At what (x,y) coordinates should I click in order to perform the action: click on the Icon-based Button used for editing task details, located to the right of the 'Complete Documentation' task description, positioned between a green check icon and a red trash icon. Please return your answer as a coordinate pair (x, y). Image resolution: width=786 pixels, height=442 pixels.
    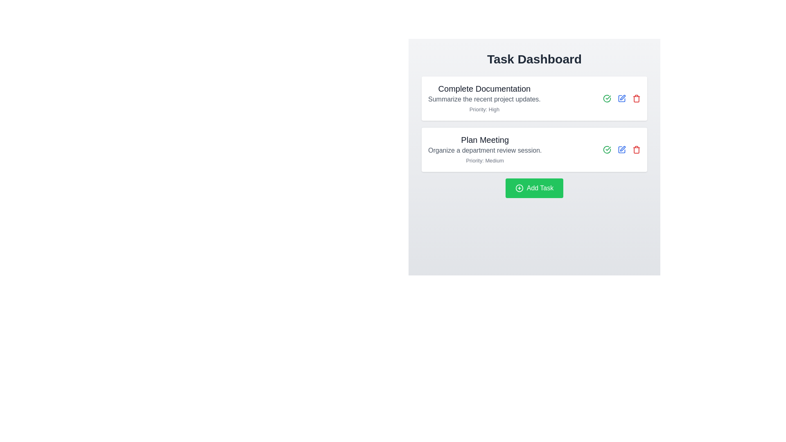
    Looking at the image, I should click on (621, 98).